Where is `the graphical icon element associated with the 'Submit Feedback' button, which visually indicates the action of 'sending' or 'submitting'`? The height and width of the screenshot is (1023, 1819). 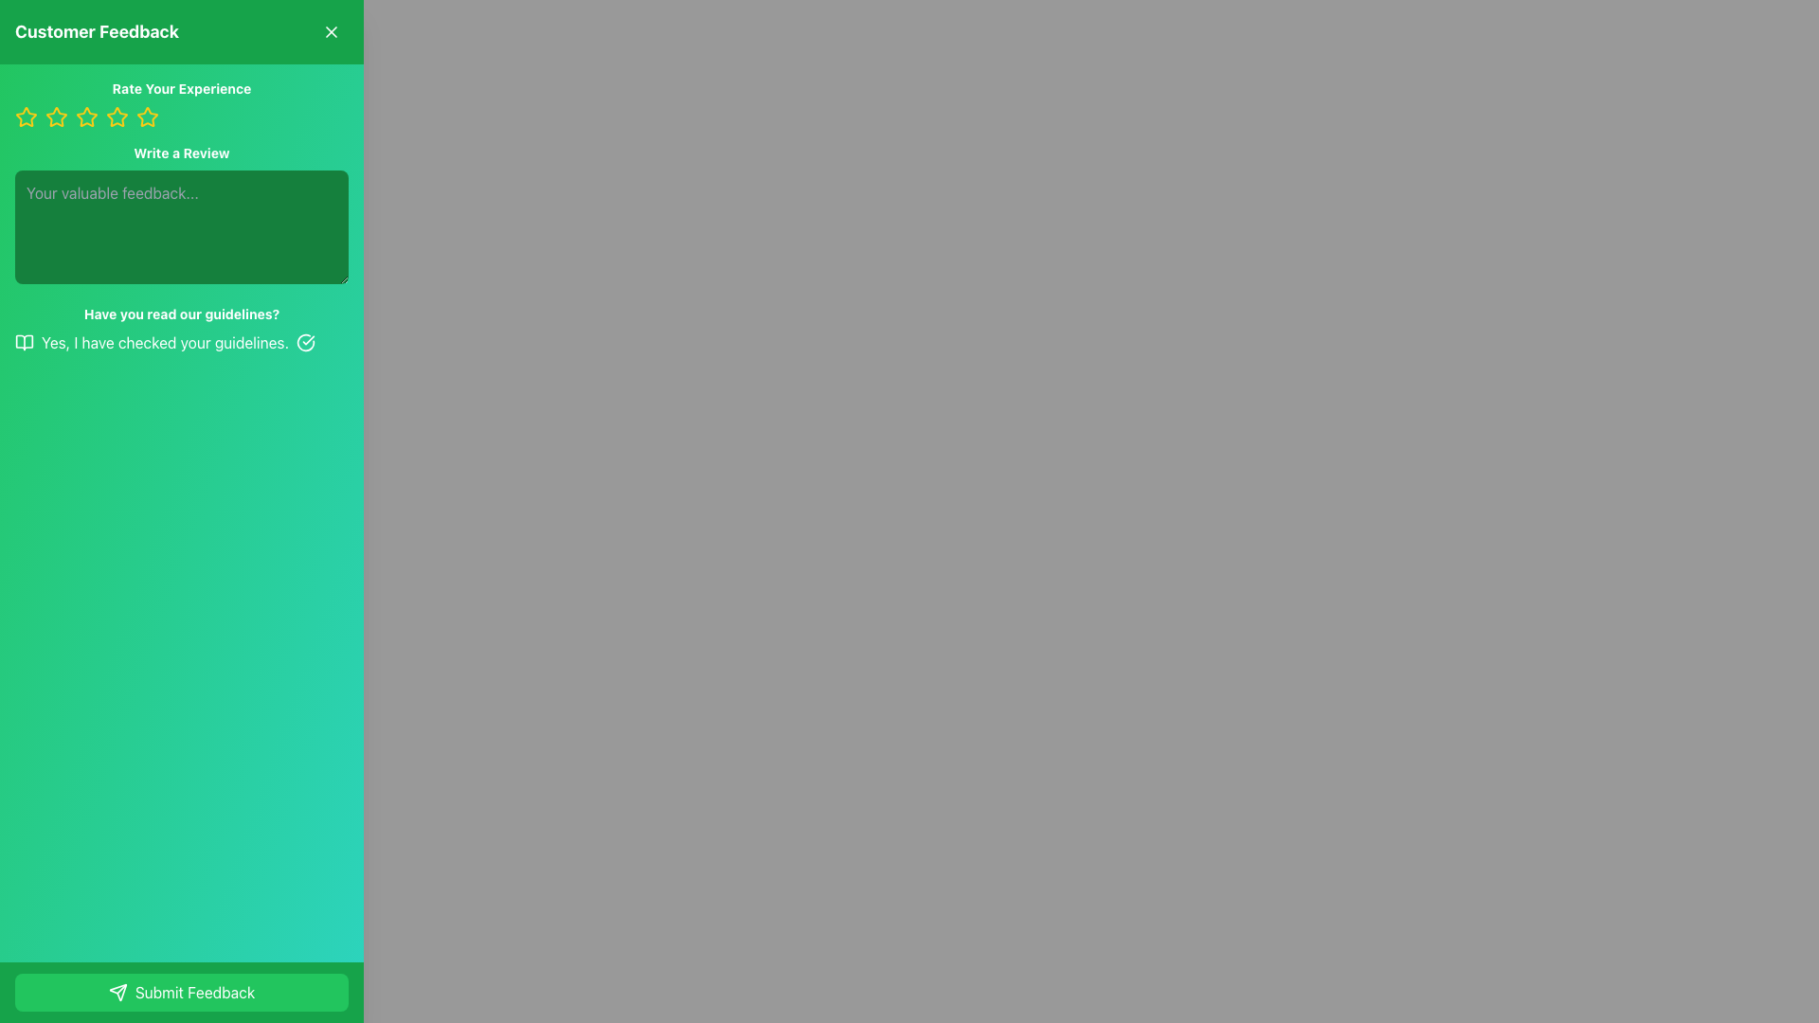
the graphical icon element associated with the 'Submit Feedback' button, which visually indicates the action of 'sending' or 'submitting' is located at coordinates (120, 988).